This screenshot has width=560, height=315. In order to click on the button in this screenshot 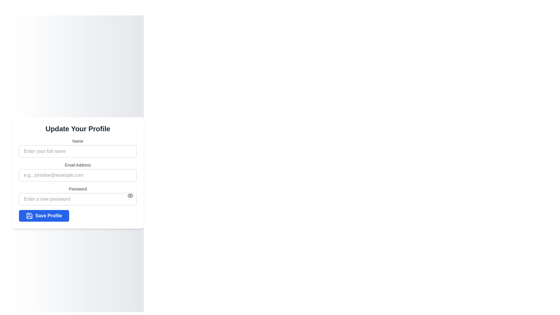, I will do `click(130, 196)`.